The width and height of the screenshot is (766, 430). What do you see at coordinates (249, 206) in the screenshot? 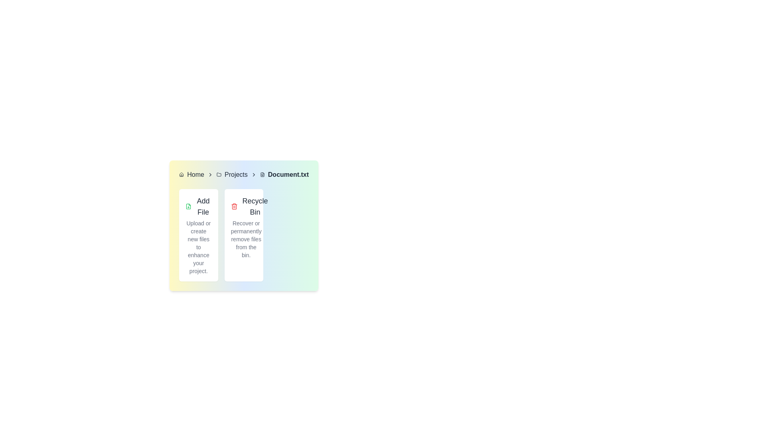
I see `the 'Recycle Bin' label and icon pairing component` at bounding box center [249, 206].